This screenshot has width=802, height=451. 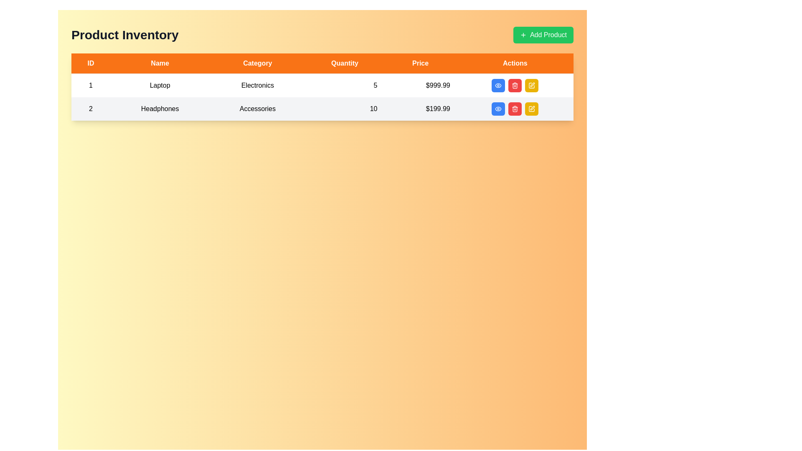 I want to click on the 'Quantity' static text label in the table header, which indicates the quantity of items in the respective rows and is the fourth column header in the table, so click(x=345, y=63).